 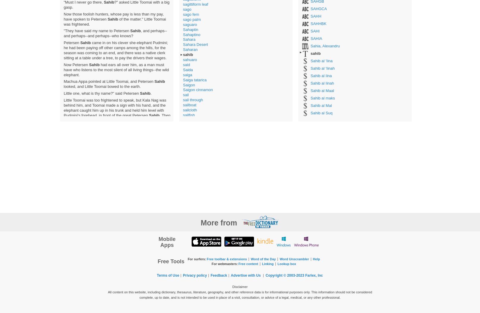 What do you see at coordinates (294, 258) in the screenshot?
I see `'Word Unscrambler'` at bounding box center [294, 258].